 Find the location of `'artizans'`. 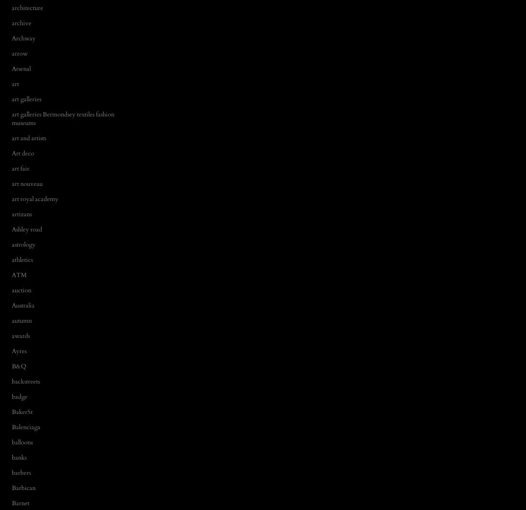

'artizans' is located at coordinates (21, 214).